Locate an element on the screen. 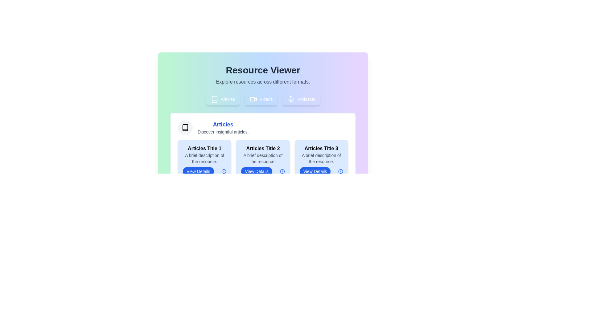 The width and height of the screenshot is (592, 333). the 'View Details' button with a blue background and white text is located at coordinates (315, 171).